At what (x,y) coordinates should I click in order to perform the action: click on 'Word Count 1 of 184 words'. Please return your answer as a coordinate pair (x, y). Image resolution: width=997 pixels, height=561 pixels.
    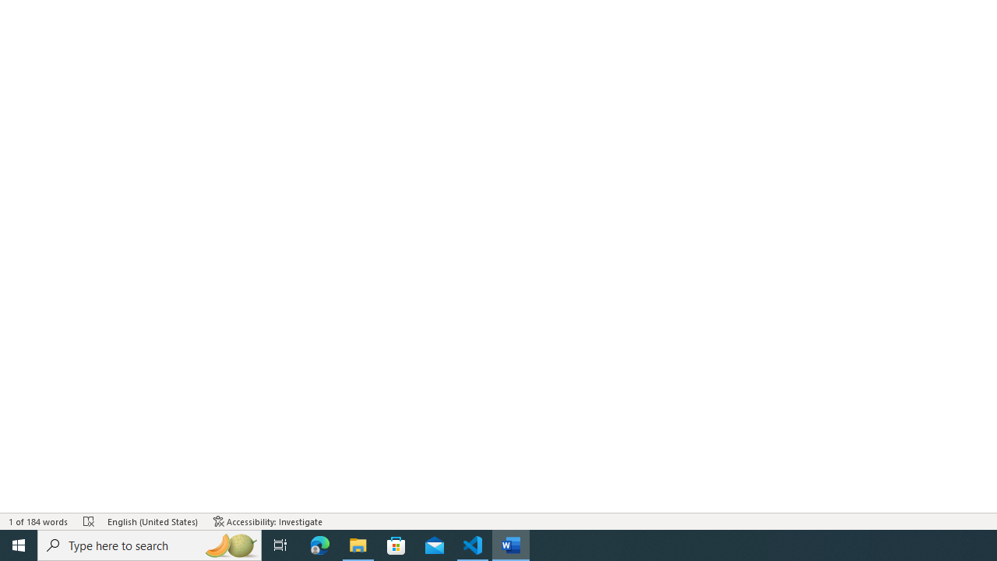
    Looking at the image, I should click on (38, 521).